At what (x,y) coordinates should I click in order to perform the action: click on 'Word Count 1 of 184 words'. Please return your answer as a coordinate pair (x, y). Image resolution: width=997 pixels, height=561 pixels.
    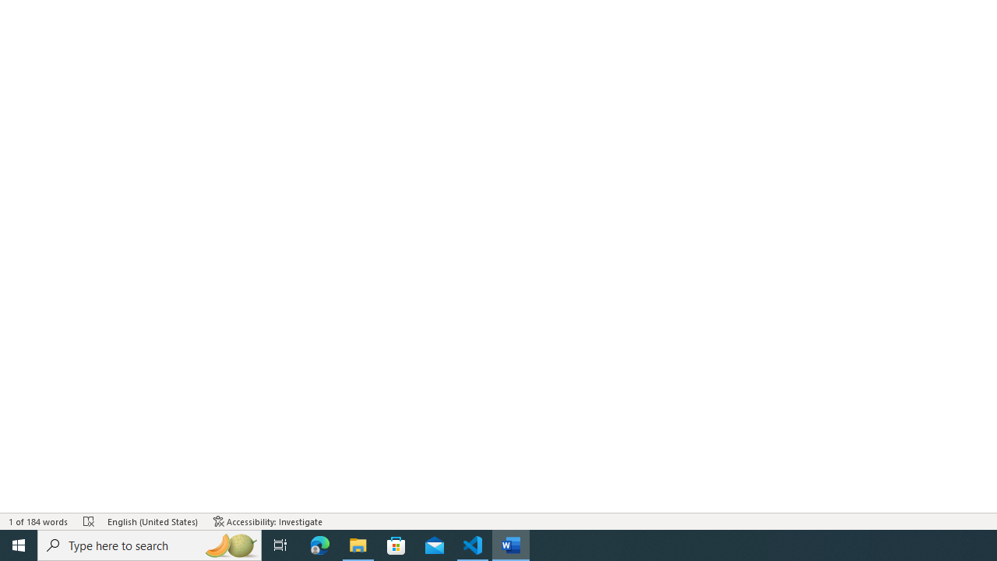
    Looking at the image, I should click on (38, 521).